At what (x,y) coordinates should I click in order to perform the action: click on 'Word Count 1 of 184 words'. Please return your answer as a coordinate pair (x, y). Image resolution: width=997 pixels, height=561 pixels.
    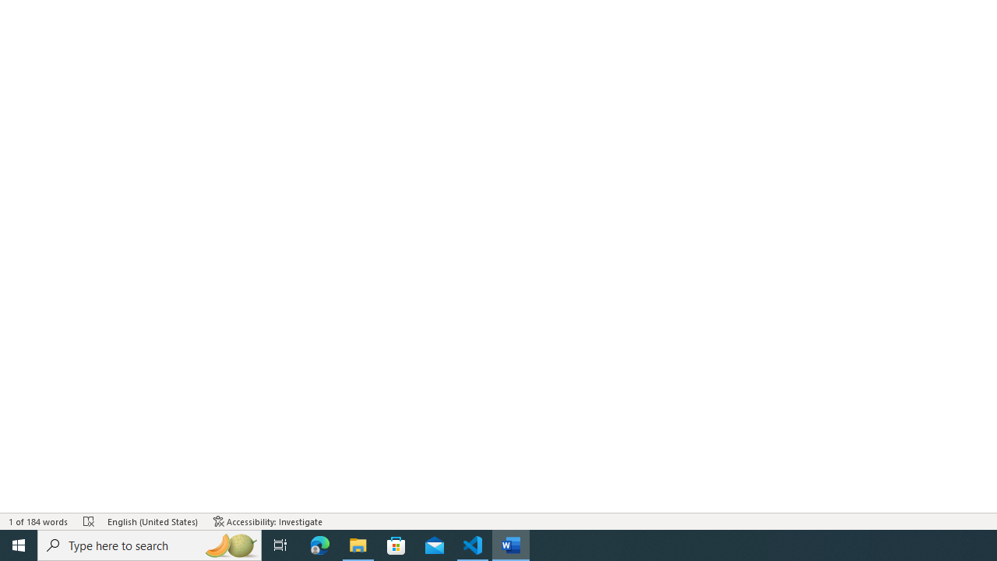
    Looking at the image, I should click on (38, 521).